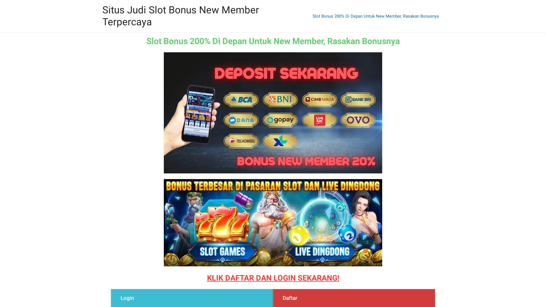 This screenshot has height=307, width=546. What do you see at coordinates (125, 298) in the screenshot?
I see `Login` at bounding box center [125, 298].